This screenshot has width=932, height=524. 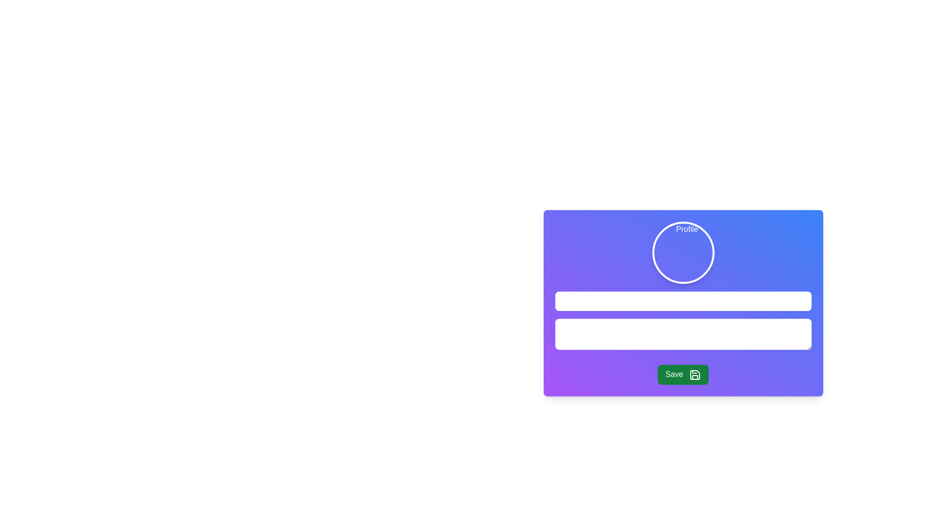 What do you see at coordinates (694, 374) in the screenshot?
I see `the save icon located to the right of the 'Save' button text label` at bounding box center [694, 374].